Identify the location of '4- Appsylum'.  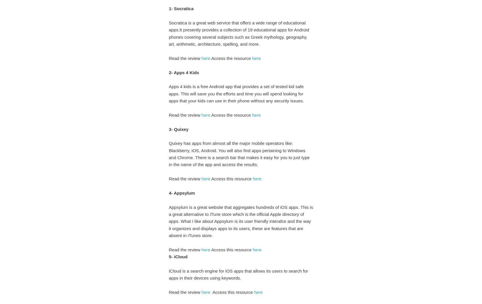
(182, 193).